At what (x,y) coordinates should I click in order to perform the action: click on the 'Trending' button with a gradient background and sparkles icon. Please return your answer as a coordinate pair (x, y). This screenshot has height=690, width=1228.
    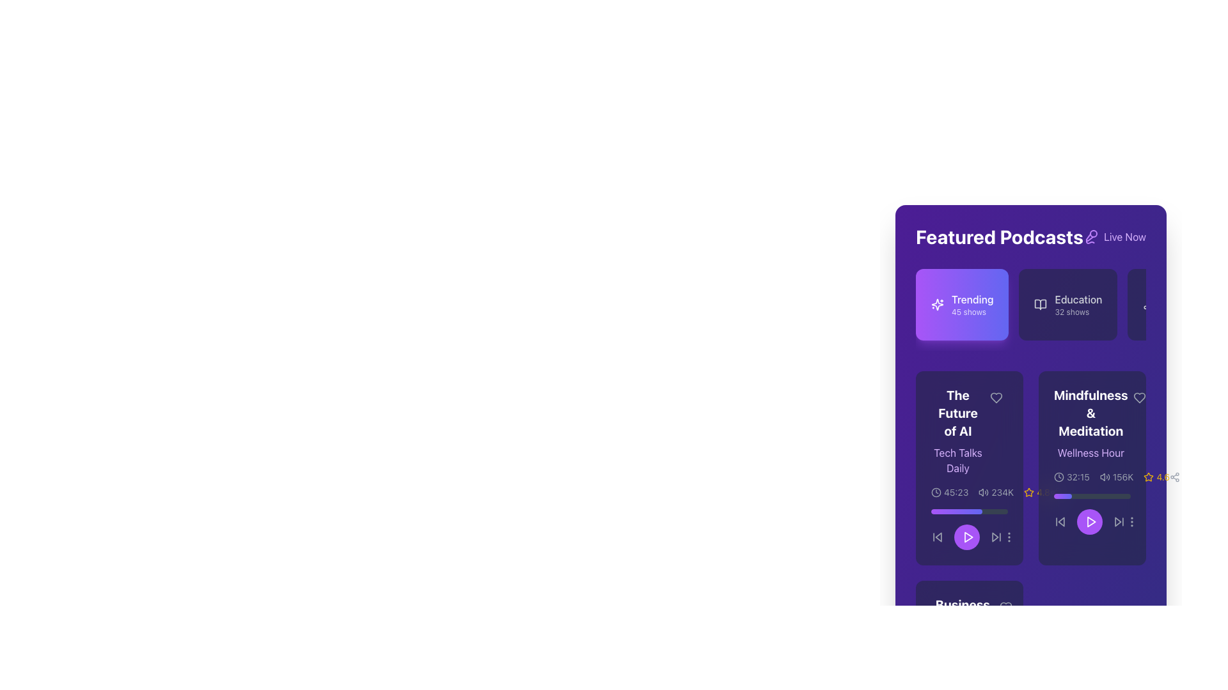
    Looking at the image, I should click on (962, 305).